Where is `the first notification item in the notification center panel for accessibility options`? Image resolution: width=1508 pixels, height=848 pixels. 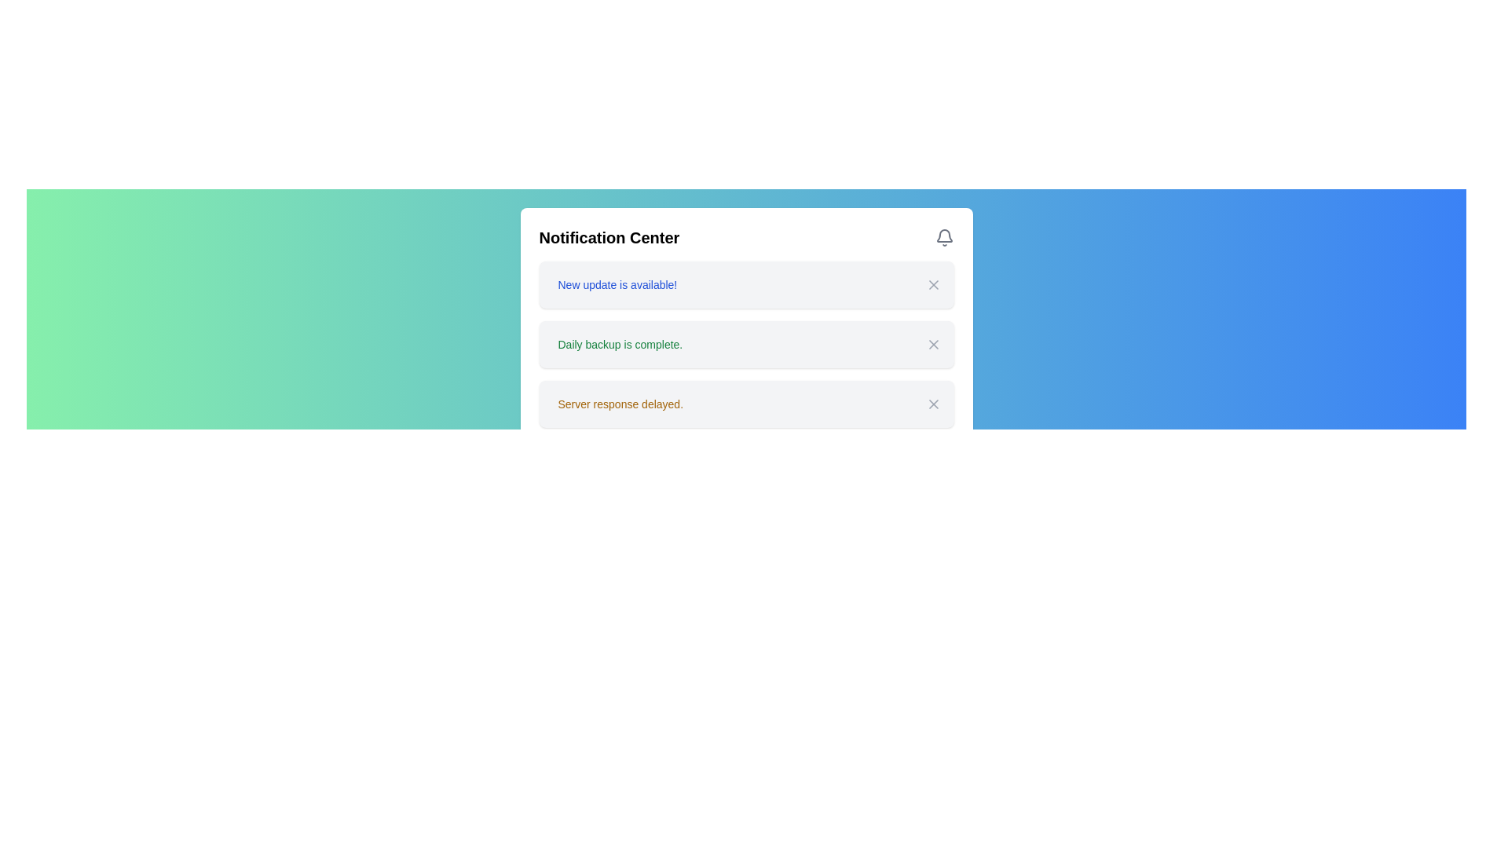
the first notification item in the notification center panel for accessibility options is located at coordinates (745, 284).